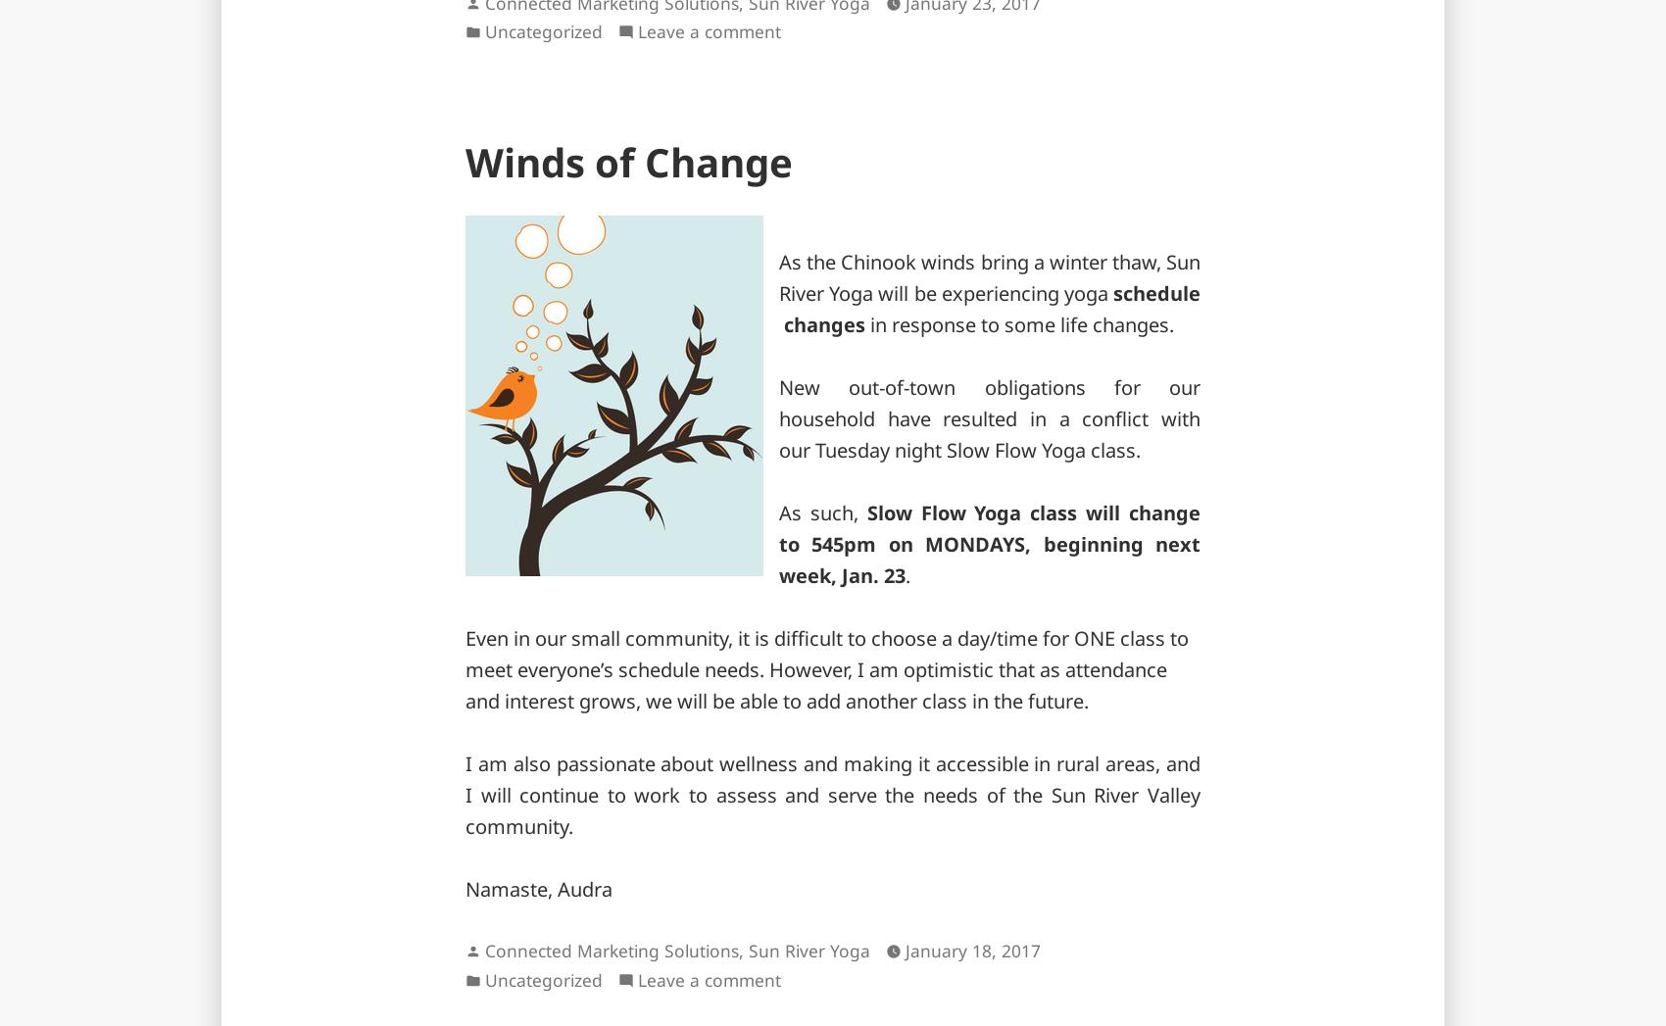 This screenshot has width=1666, height=1026. I want to click on 'New out-of-town obligations for our household have resulted in a conflict with our Tuesday night Slow Flow Yoga class.', so click(988, 416).